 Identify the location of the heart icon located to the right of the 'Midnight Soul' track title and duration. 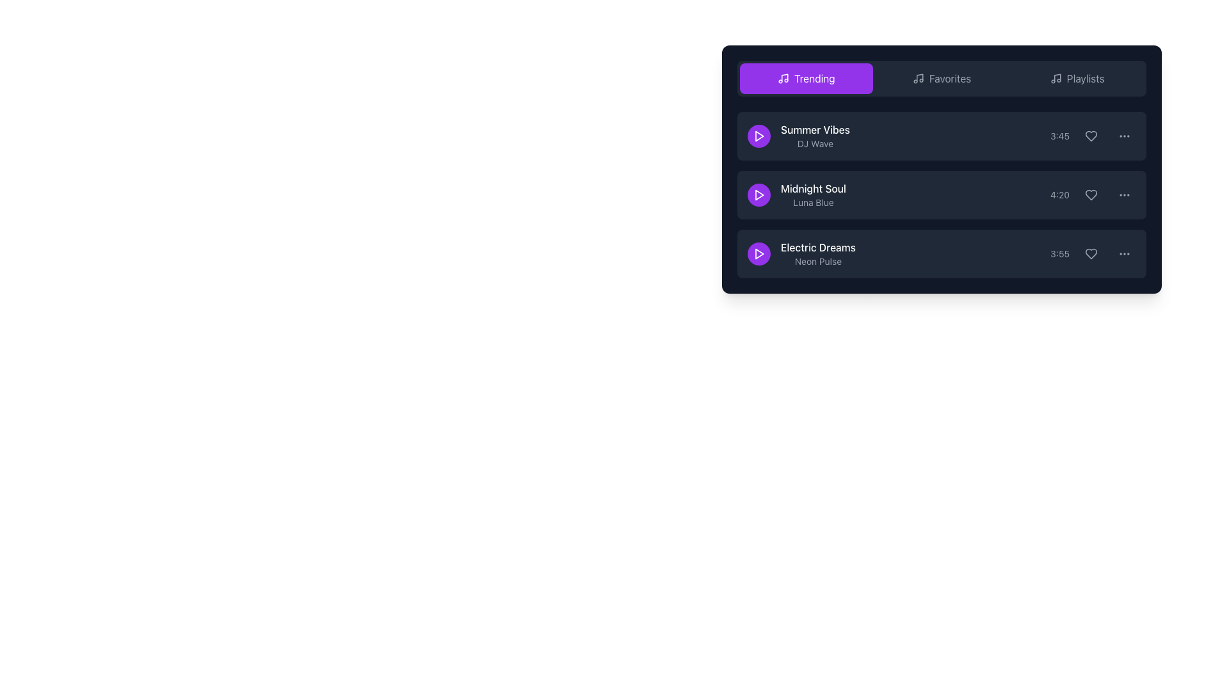
(1090, 195).